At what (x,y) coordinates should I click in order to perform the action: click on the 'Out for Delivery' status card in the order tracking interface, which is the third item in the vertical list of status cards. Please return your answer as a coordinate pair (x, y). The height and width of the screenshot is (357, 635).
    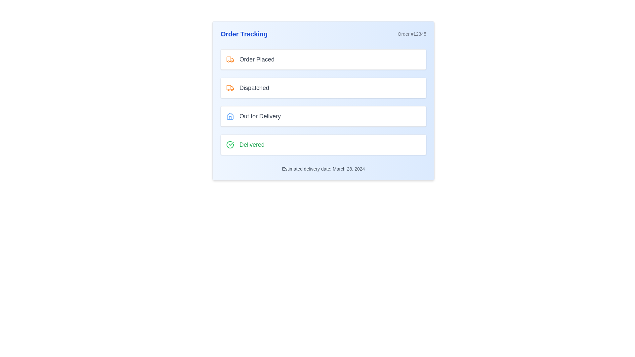
    Looking at the image, I should click on (323, 116).